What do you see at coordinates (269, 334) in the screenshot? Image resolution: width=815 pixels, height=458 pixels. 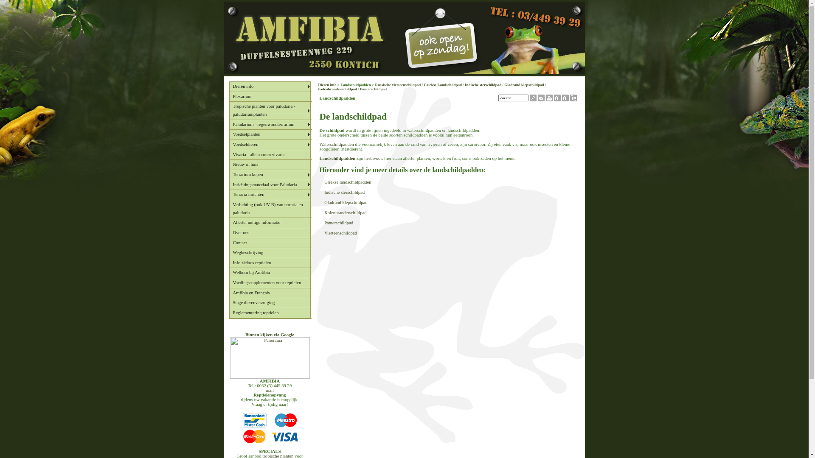 I see `'Binnen kijken via Google'` at bounding box center [269, 334].